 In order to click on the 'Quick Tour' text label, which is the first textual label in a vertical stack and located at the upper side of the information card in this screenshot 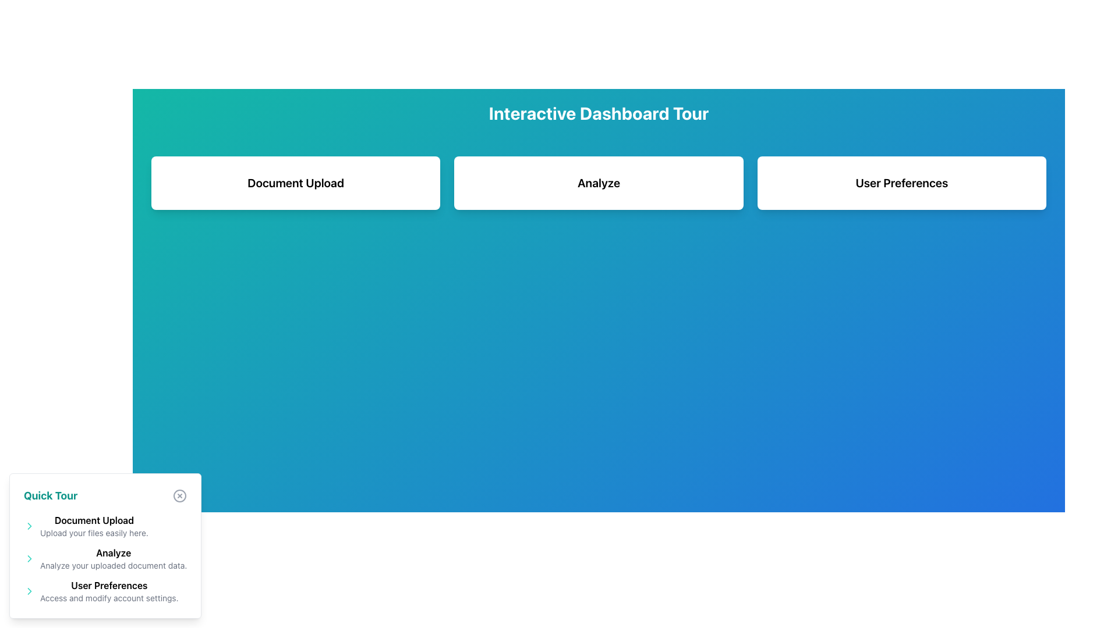, I will do `click(94, 519)`.